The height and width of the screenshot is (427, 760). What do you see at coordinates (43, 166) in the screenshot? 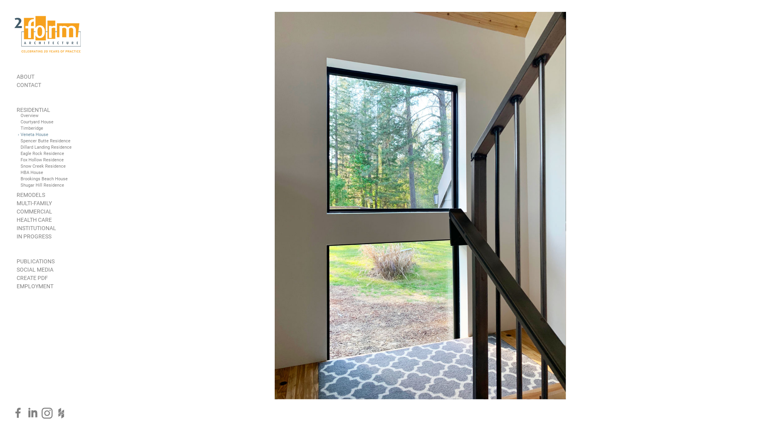
I see `'Snow Creek Residence'` at bounding box center [43, 166].